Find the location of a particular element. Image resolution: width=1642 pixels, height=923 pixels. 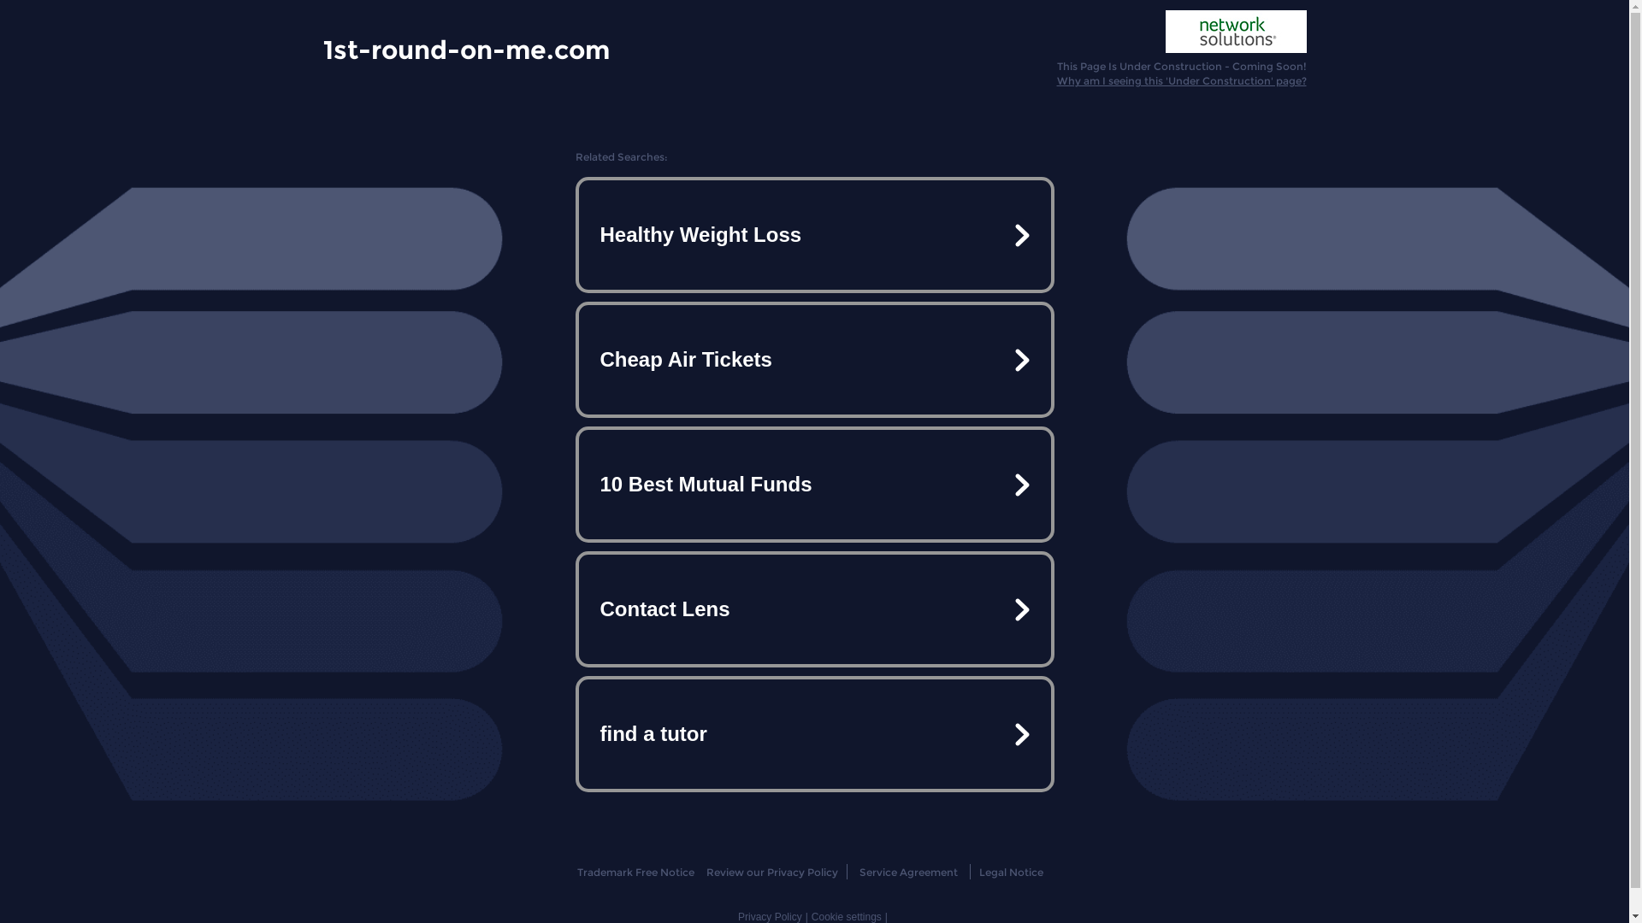

'find a tutor' is located at coordinates (812, 733).